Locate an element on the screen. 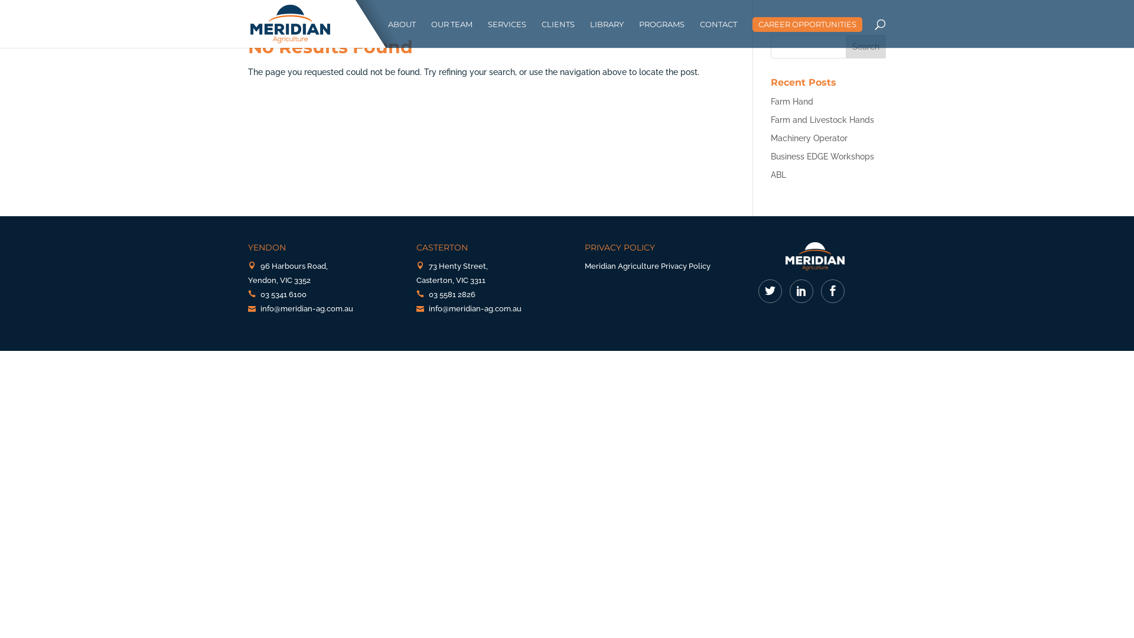 The width and height of the screenshot is (1134, 638). 'CONTACT' is located at coordinates (700, 33).